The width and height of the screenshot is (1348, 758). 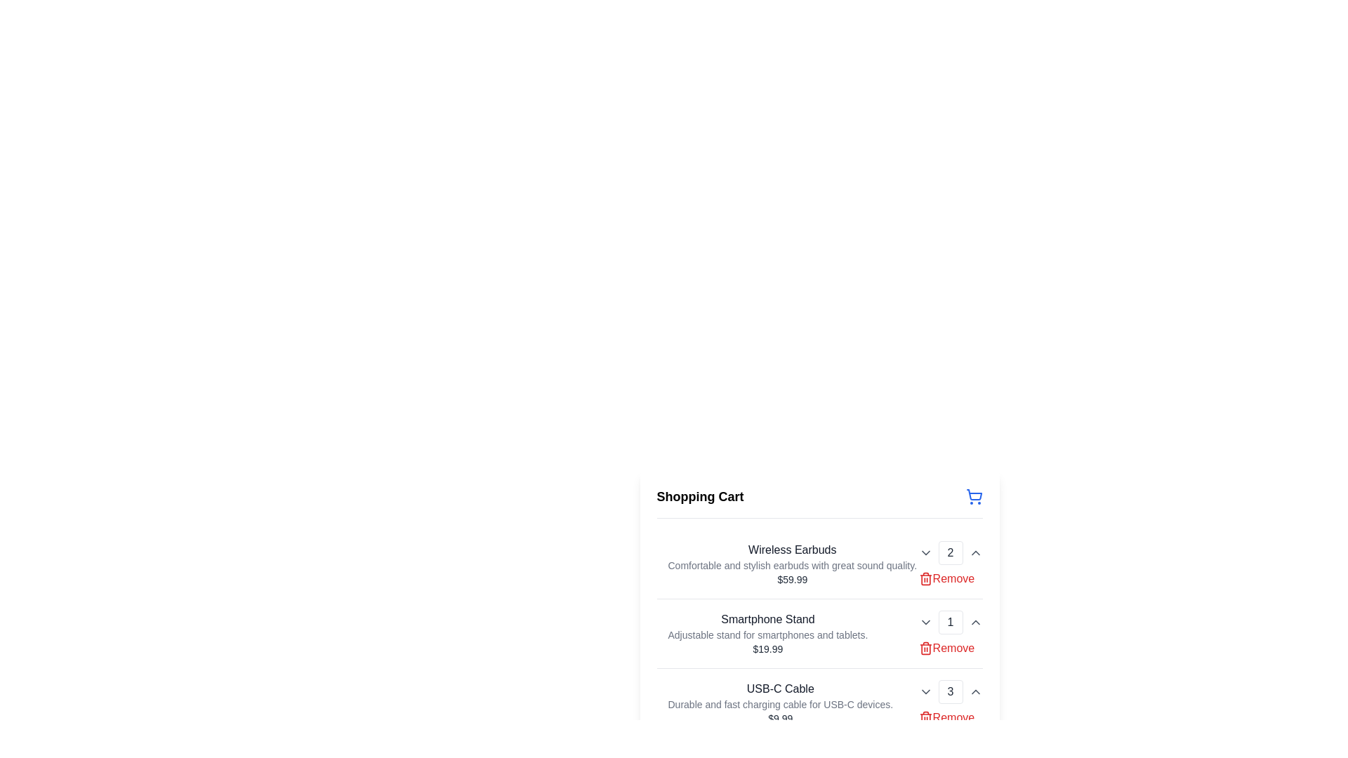 What do you see at coordinates (819, 703) in the screenshot?
I see `detailed information for the 'USB-C Cable' item in the shopping cart, which includes a title, description, price, and quantity controls` at bounding box center [819, 703].